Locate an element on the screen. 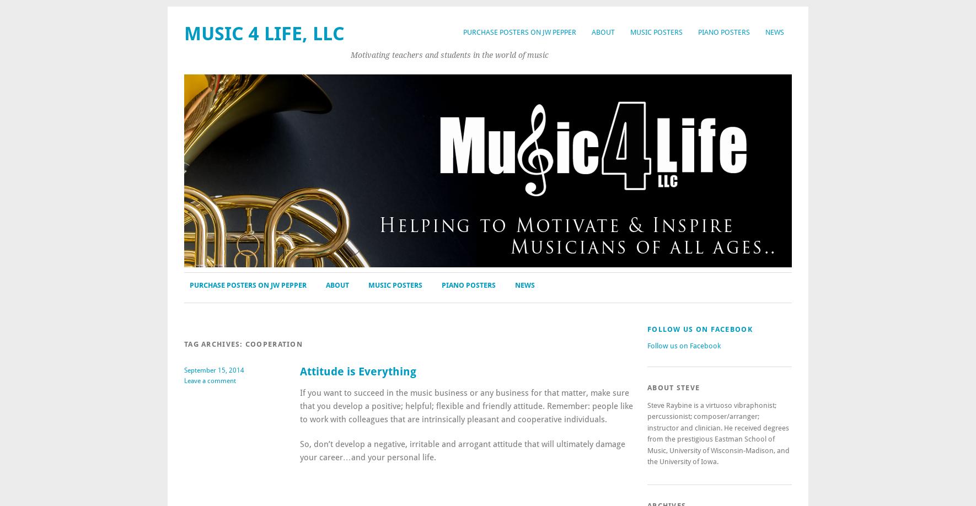 This screenshot has width=976, height=506. 'If you want to succeed in the music business or any business for that matter, make sure that you develop a positive; helpful; flexible and friendly attitude. Remember: people like to work with colleagues that are intrinsically pleasant and cooperative individuals.' is located at coordinates (465, 405).